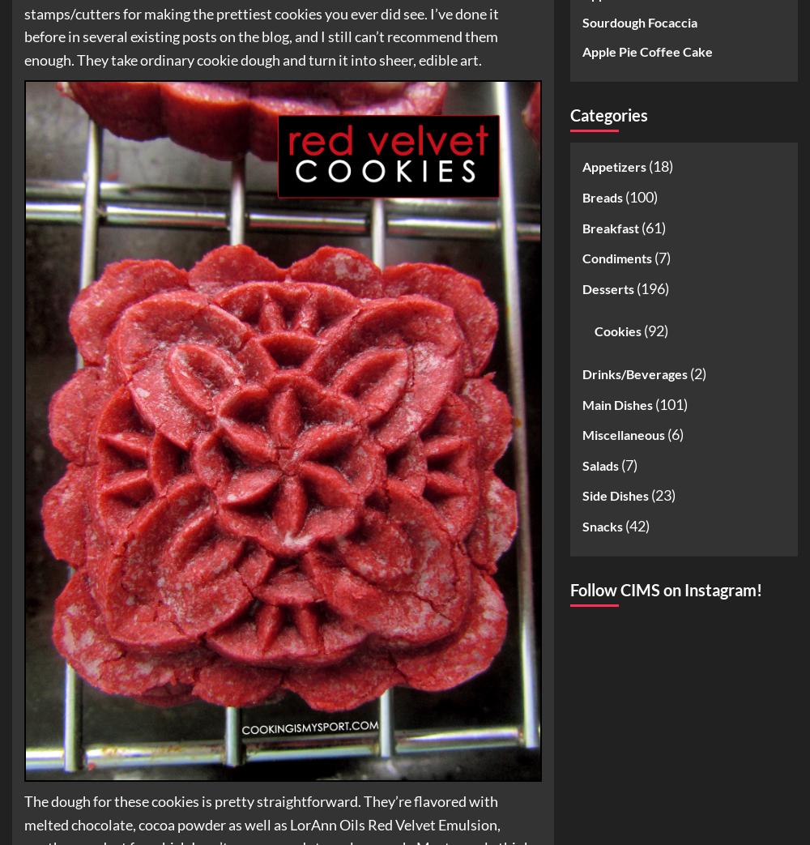 This screenshot has height=845, width=810. What do you see at coordinates (654, 331) in the screenshot?
I see `'(92)'` at bounding box center [654, 331].